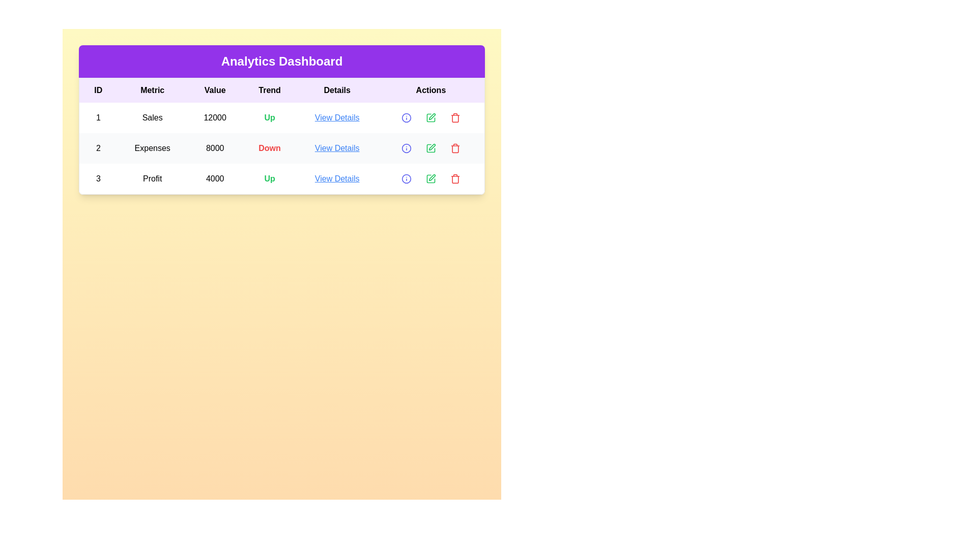 This screenshot has height=549, width=977. What do you see at coordinates (454, 148) in the screenshot?
I see `the red trash icon button located in the 'Actions' column of the second row in the 'Analytics Dashboard' table` at bounding box center [454, 148].